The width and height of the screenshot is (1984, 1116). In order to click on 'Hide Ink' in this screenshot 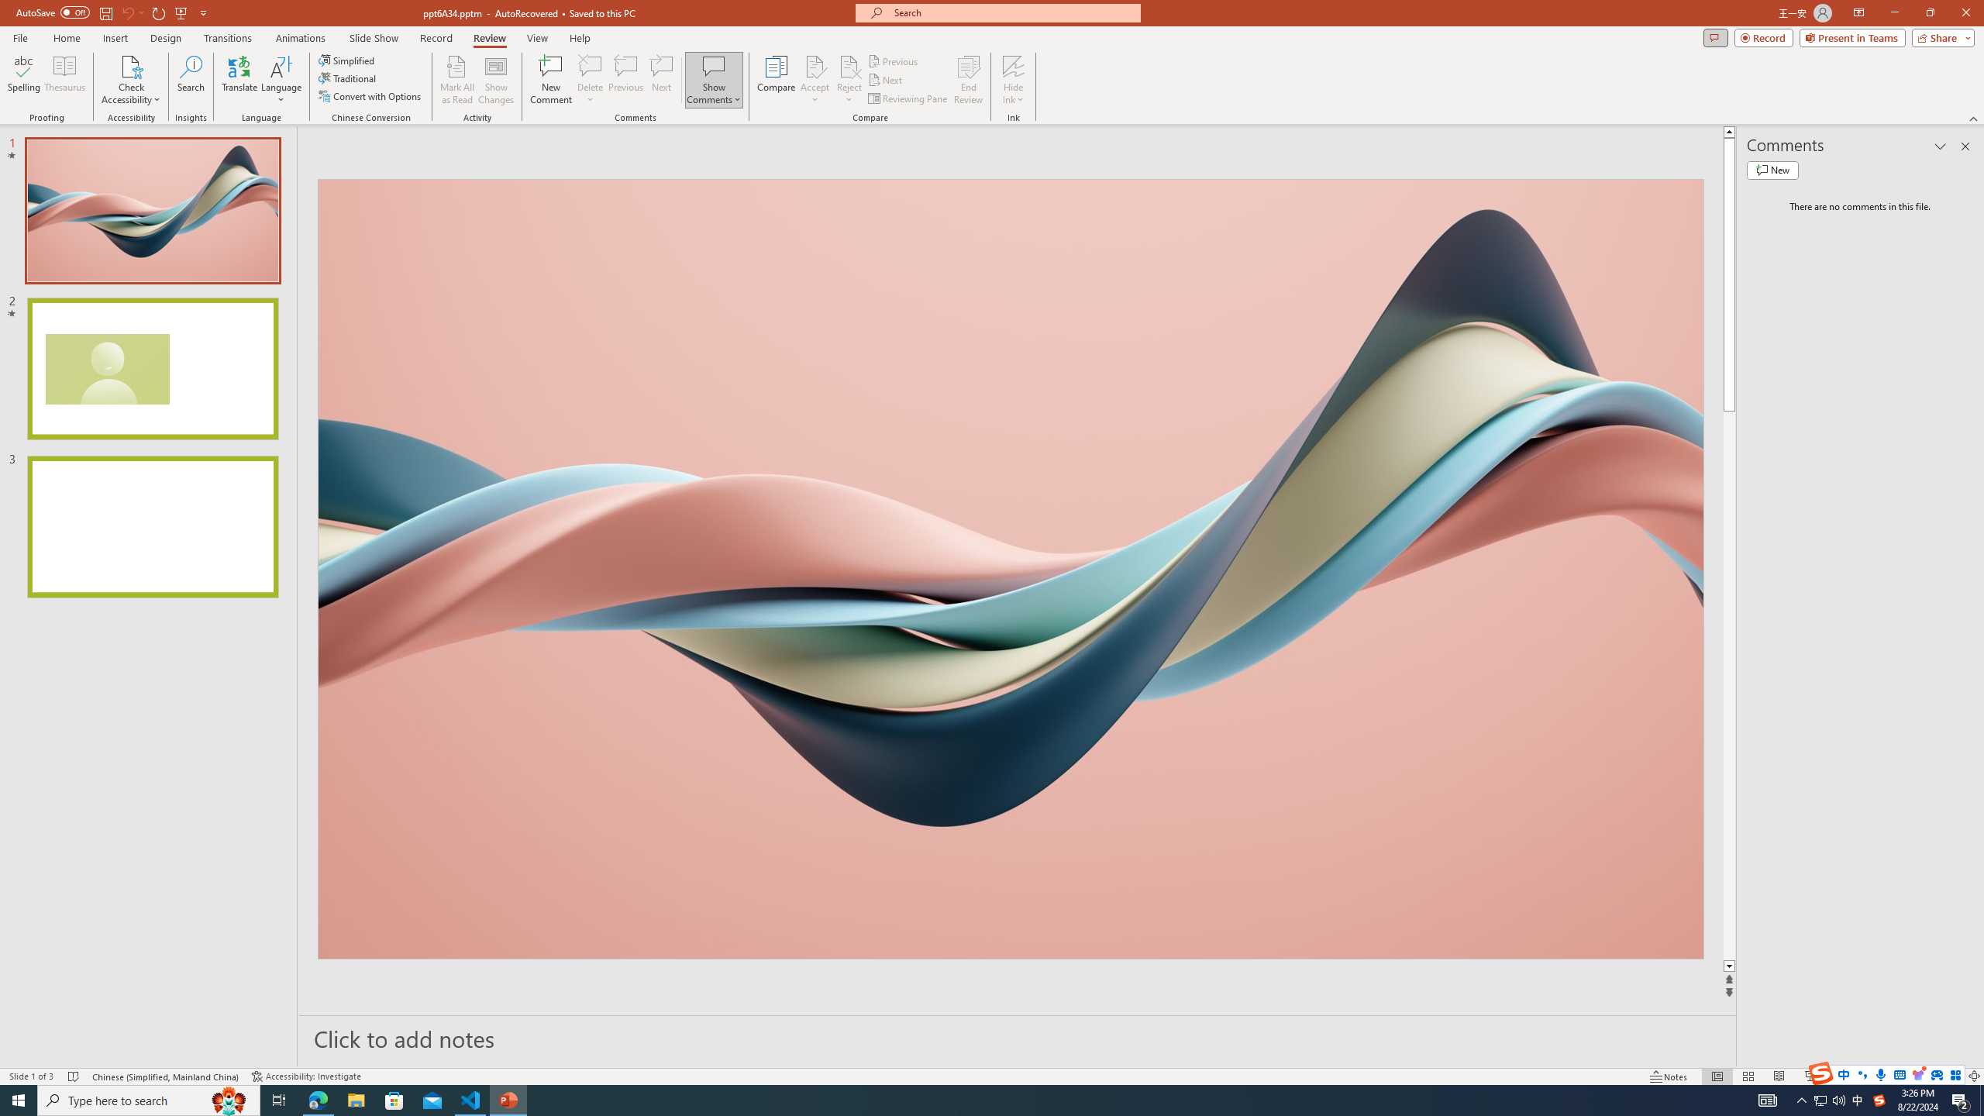, I will do `click(1014, 65)`.